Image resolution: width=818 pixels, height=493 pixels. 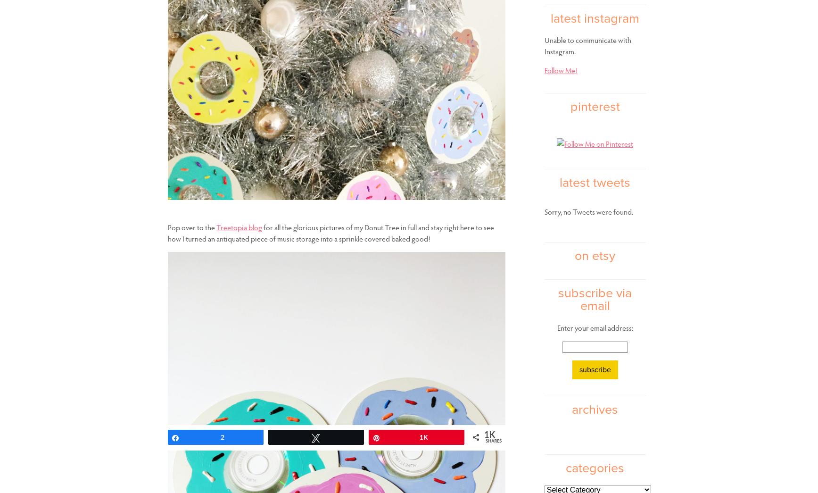 What do you see at coordinates (595, 299) in the screenshot?
I see `'Subscribe via email'` at bounding box center [595, 299].